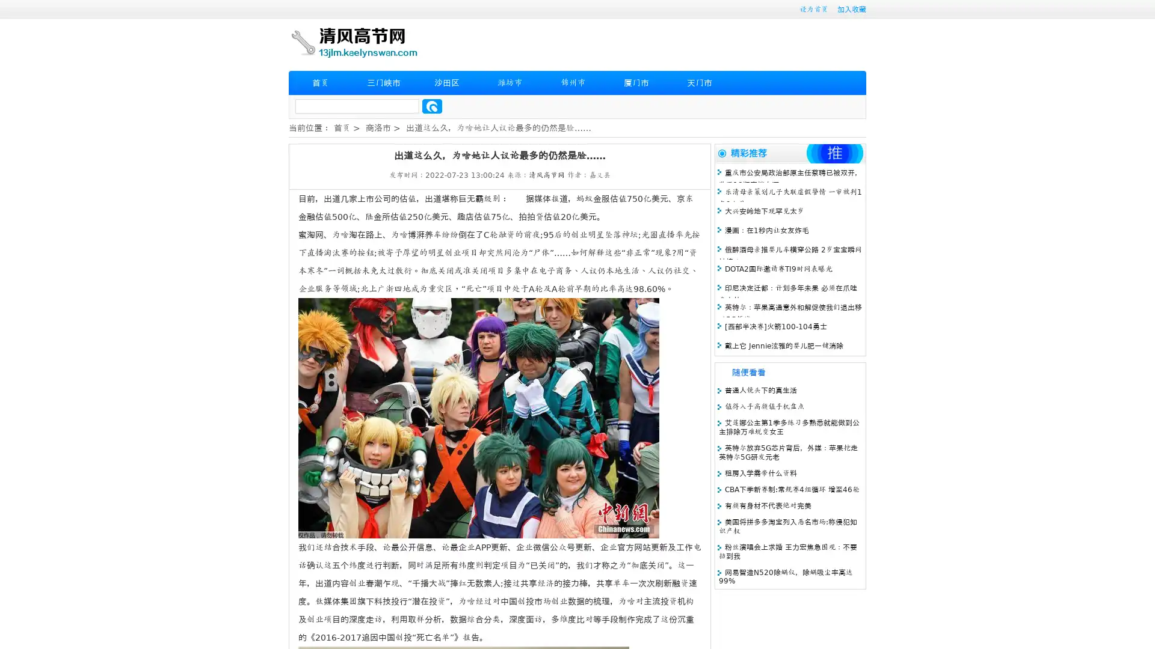 The height and width of the screenshot is (649, 1155). Describe the element at coordinates (432, 106) in the screenshot. I see `Search` at that location.